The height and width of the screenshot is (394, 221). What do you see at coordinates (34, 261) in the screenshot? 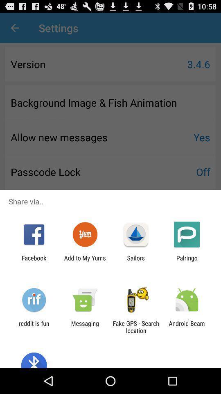
I see `the facebook app` at bounding box center [34, 261].